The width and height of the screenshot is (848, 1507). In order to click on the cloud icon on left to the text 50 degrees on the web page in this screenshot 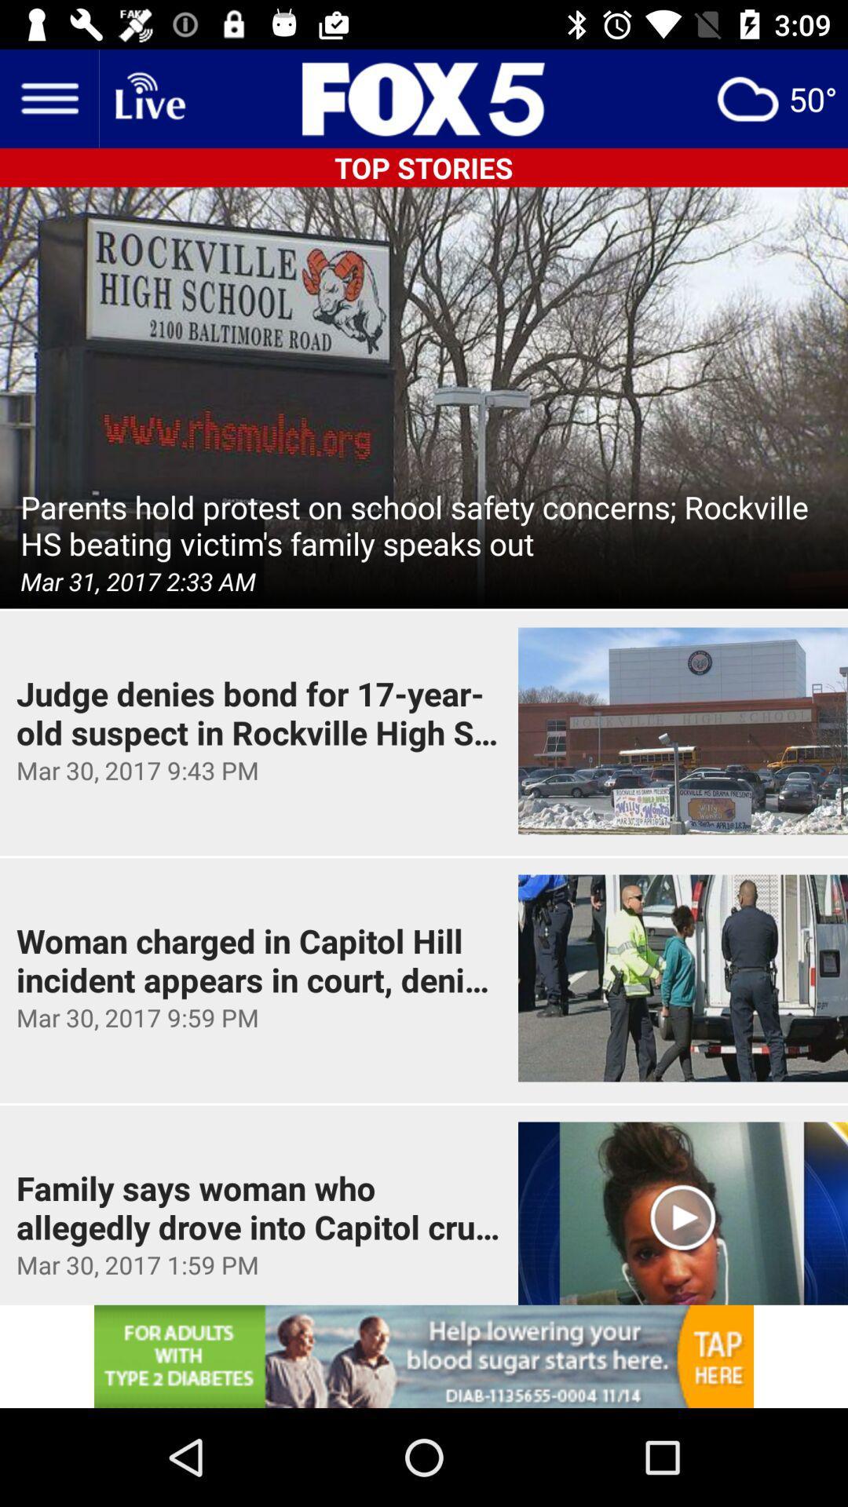, I will do `click(747, 97)`.